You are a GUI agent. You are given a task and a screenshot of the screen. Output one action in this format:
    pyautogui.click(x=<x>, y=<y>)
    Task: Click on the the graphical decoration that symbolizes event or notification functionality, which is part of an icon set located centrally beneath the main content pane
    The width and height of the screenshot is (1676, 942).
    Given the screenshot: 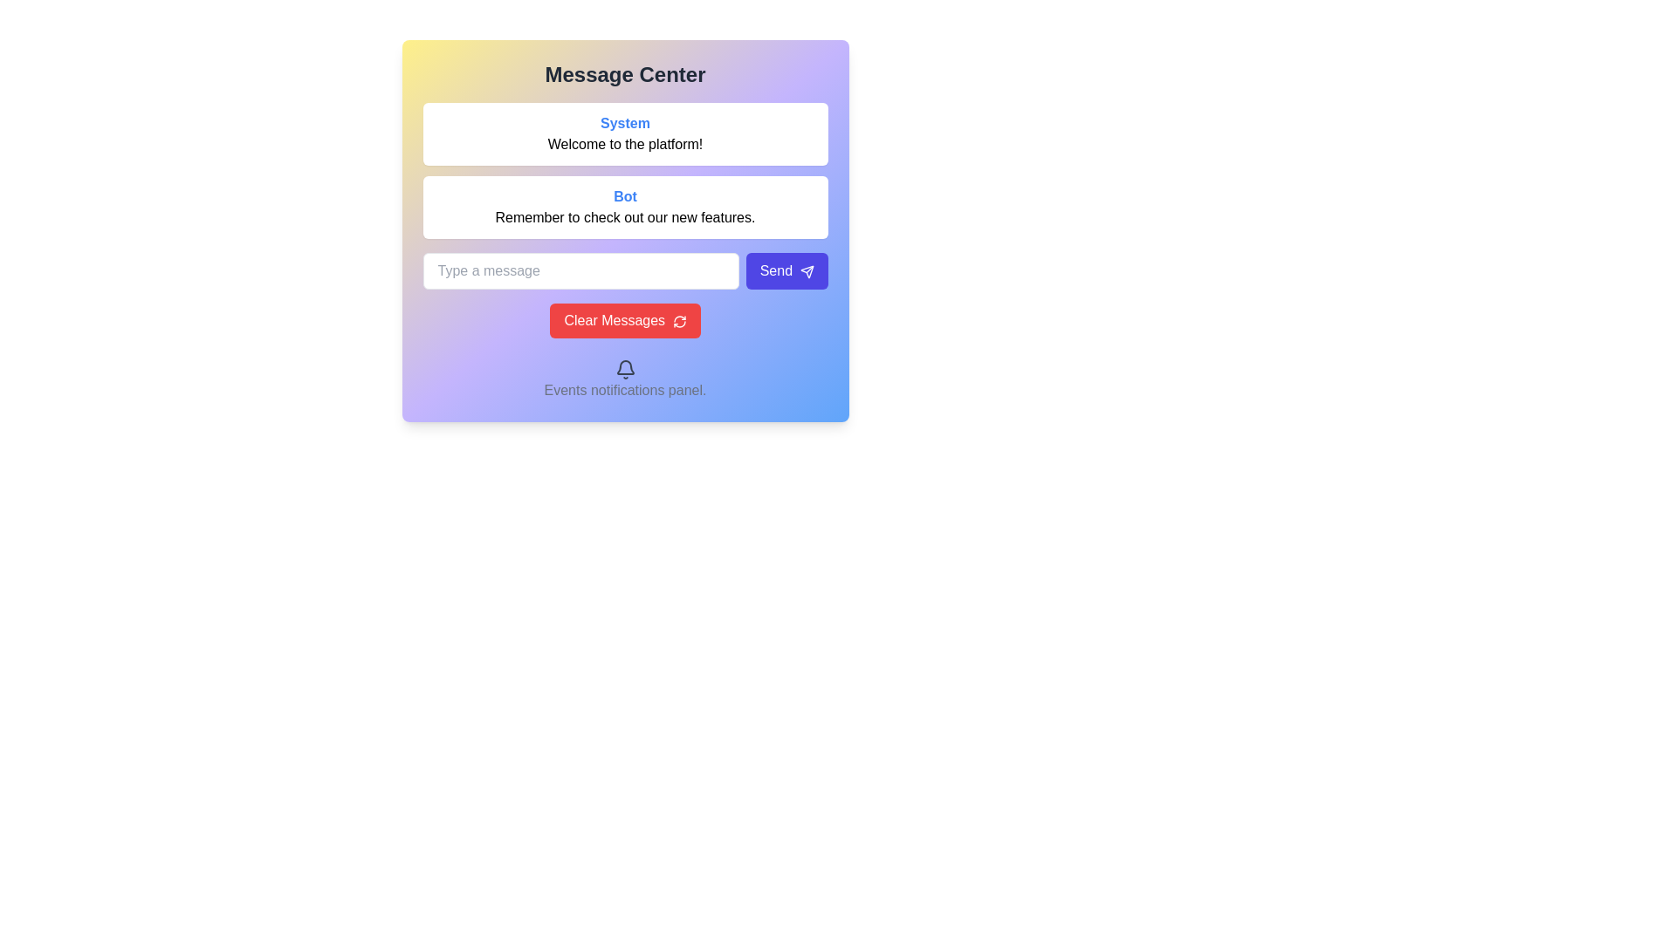 What is the action you would take?
    pyautogui.click(x=625, y=366)
    